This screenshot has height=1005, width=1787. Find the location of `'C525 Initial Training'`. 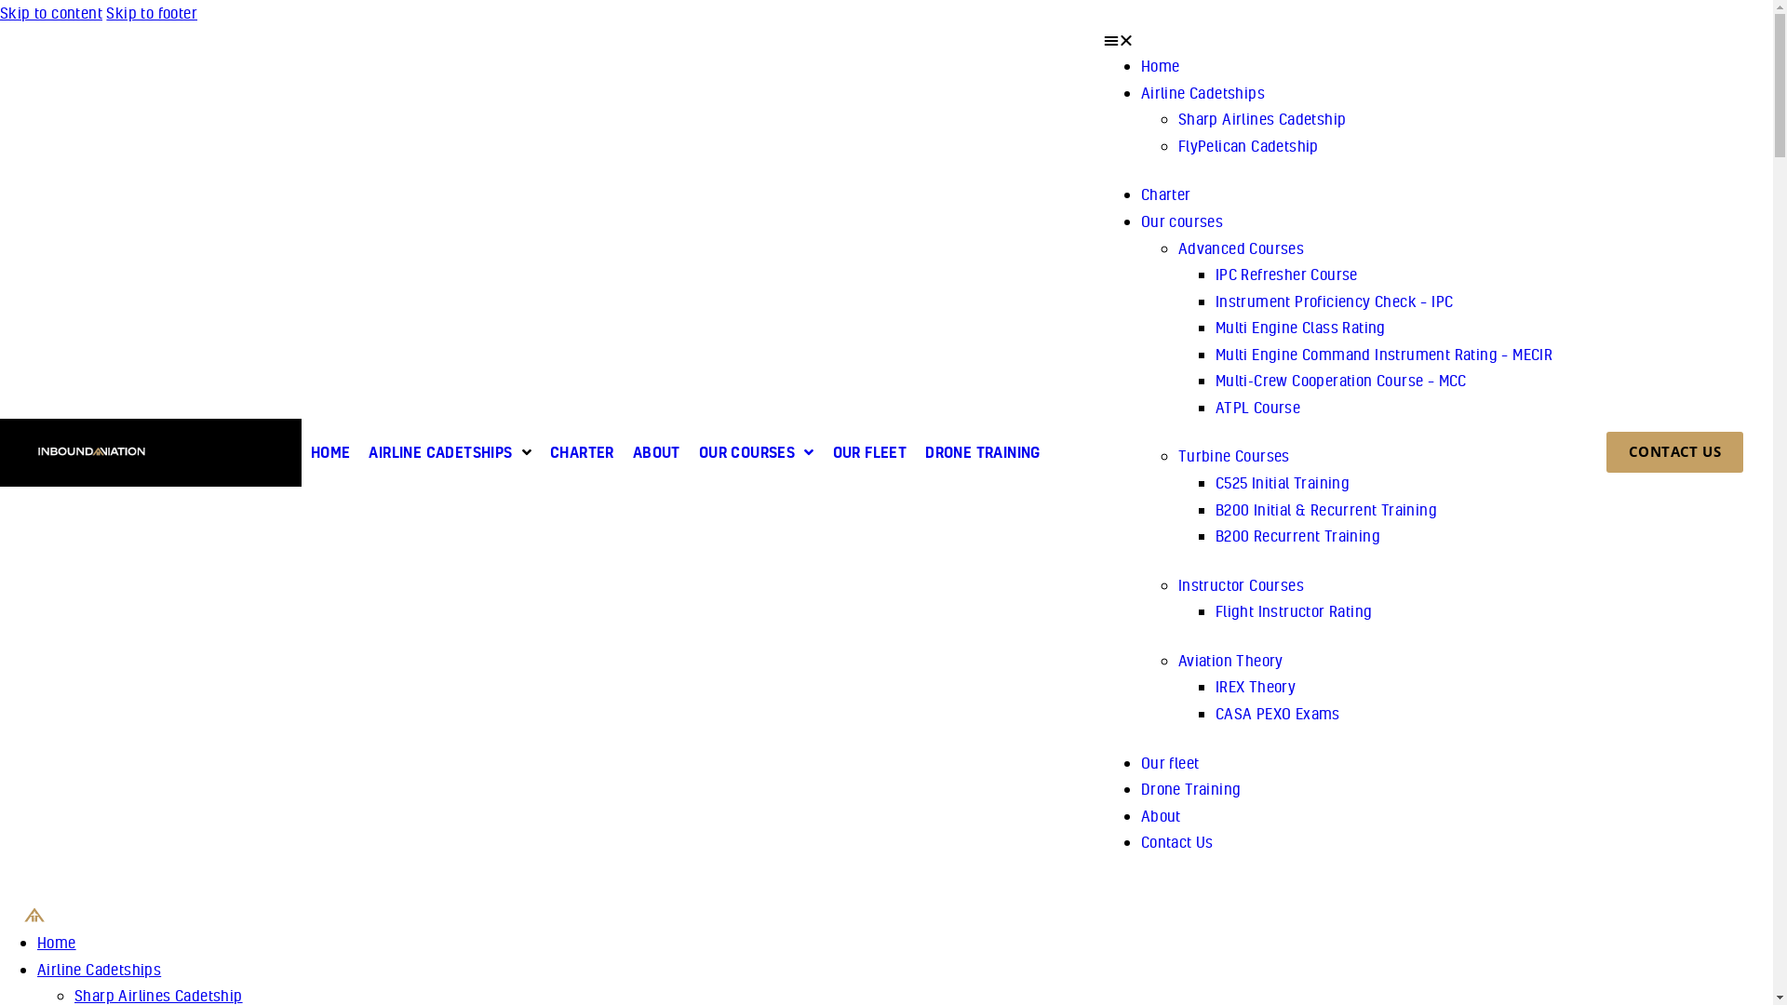

'C525 Initial Training' is located at coordinates (1281, 481).